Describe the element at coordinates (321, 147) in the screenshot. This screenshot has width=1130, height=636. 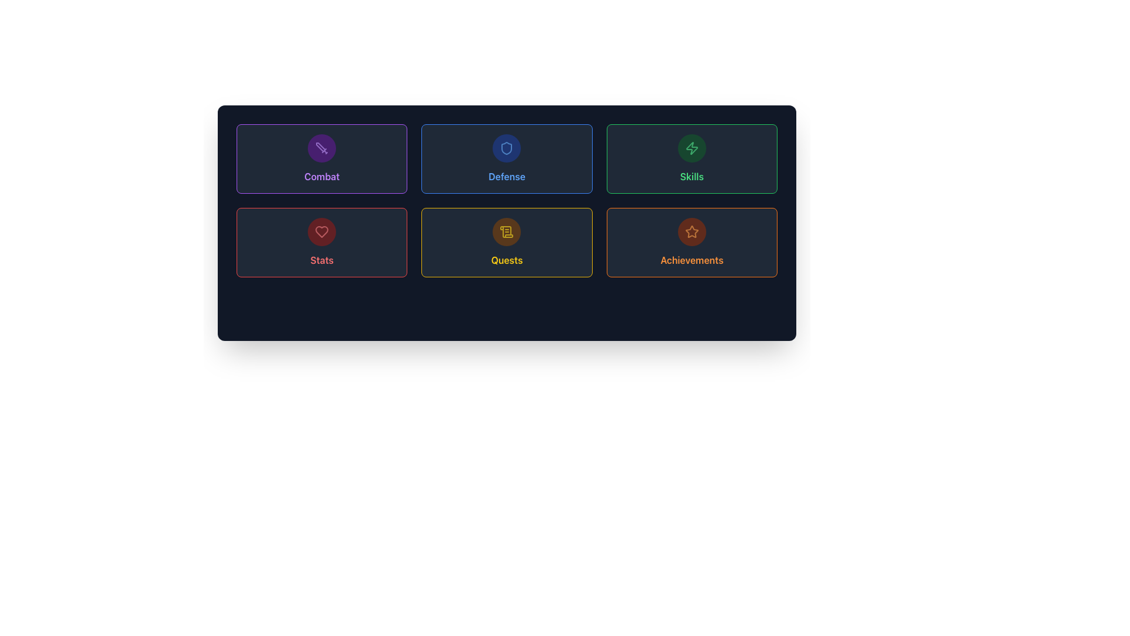
I see `the purple polygonal shape that is part of the sword icon within the Combat card` at that location.